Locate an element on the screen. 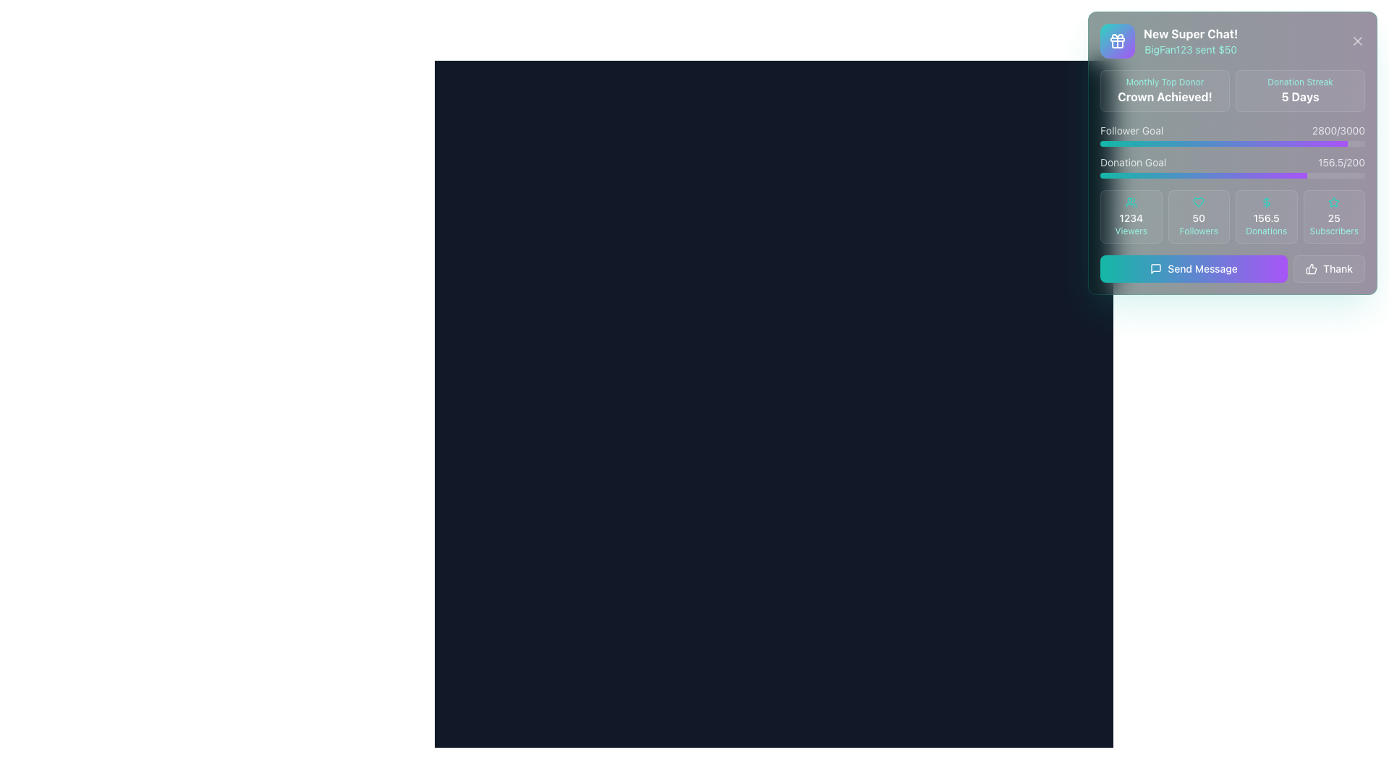 Image resolution: width=1389 pixels, height=781 pixels. the displayed information on the Informational Card showing '50 Followers', which is the second card in a grid layout, positioned between '1234 Viewers' and '156.5 Donations' is located at coordinates (1199, 217).